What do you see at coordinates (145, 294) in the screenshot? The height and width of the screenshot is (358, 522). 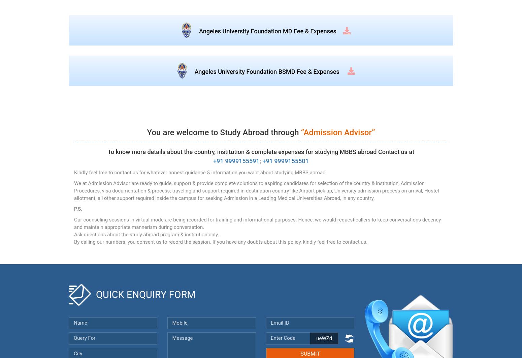 I see `'Quick Enquiry Form'` at bounding box center [145, 294].